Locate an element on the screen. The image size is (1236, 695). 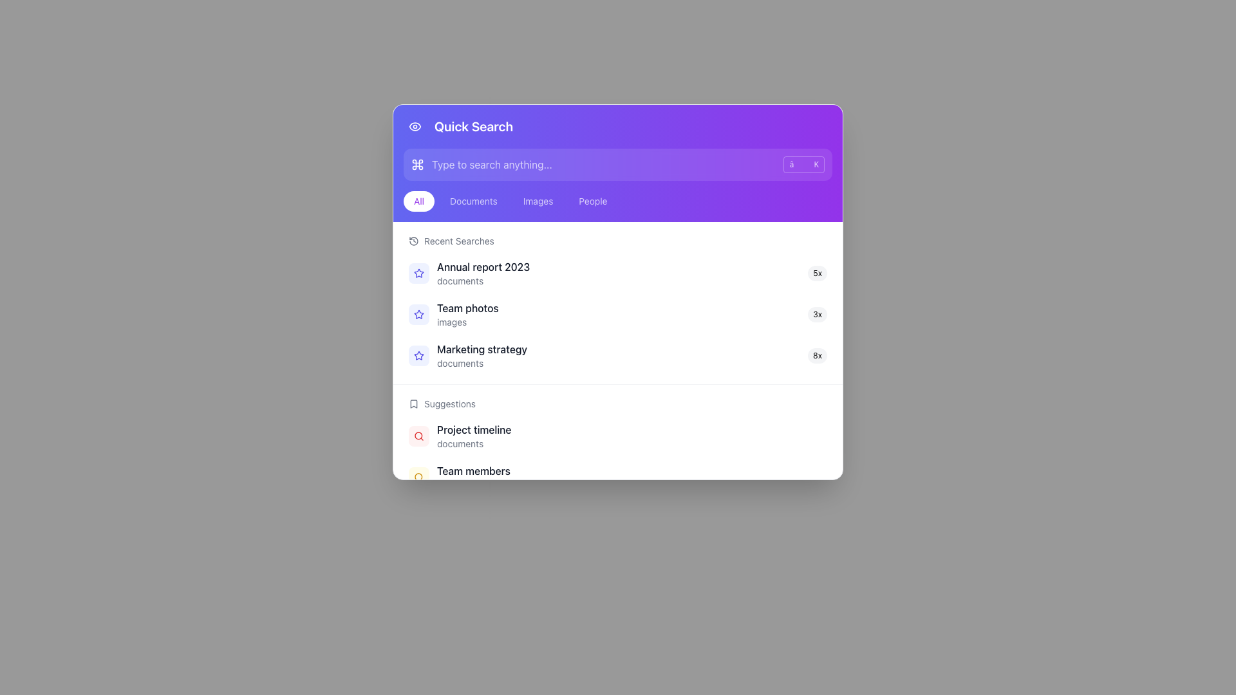
the star-shaped icon with a blue border located in the 'Recent Searches' section, adjacent to the 'Team photos' label is located at coordinates (419, 272).